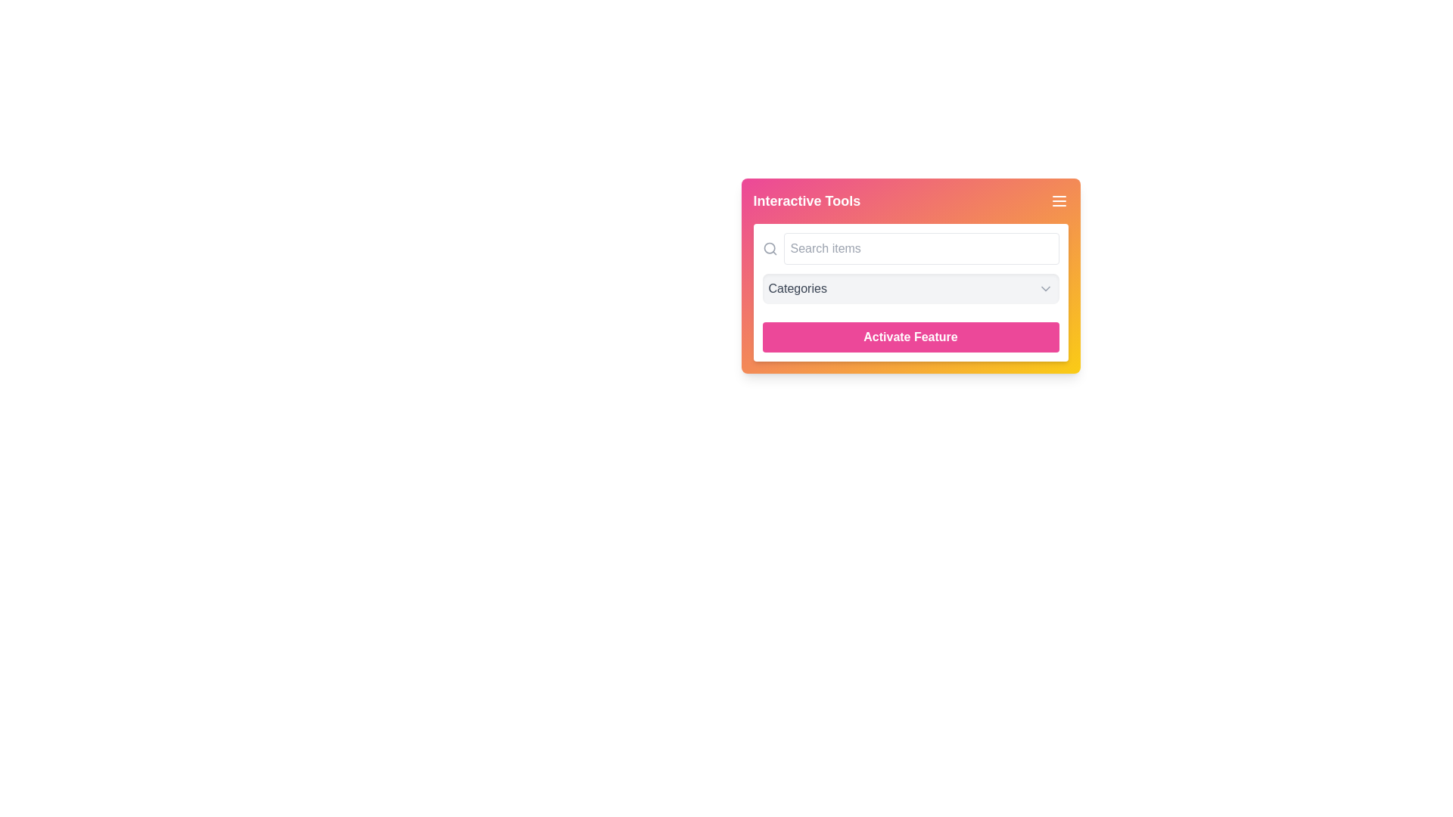 This screenshot has width=1453, height=817. I want to click on the gray text label displaying 'Categories' located on the left side of the dropdown interface, so click(797, 288).